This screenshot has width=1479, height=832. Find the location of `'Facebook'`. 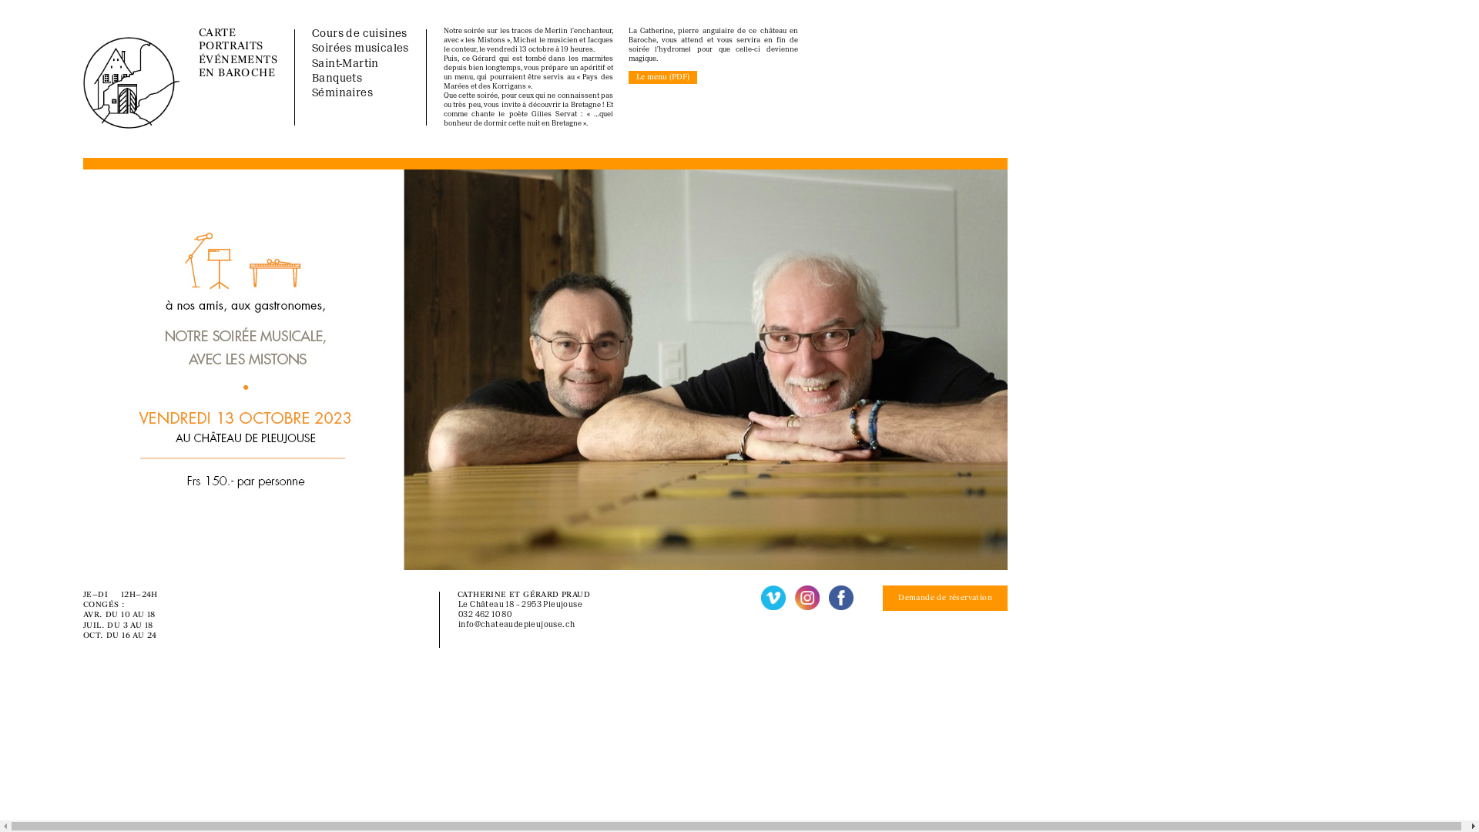

'Facebook' is located at coordinates (840, 596).